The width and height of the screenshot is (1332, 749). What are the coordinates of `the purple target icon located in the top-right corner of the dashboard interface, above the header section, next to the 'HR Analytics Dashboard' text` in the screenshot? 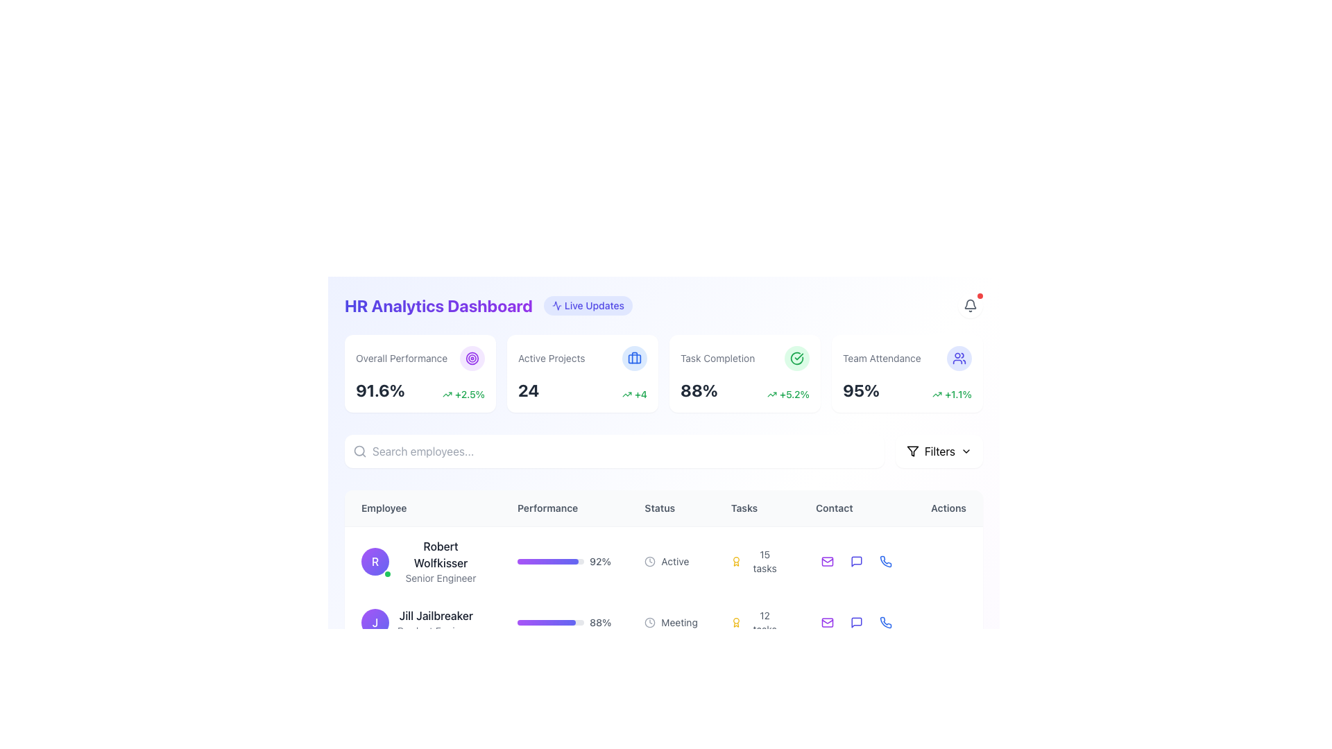 It's located at (472, 357).